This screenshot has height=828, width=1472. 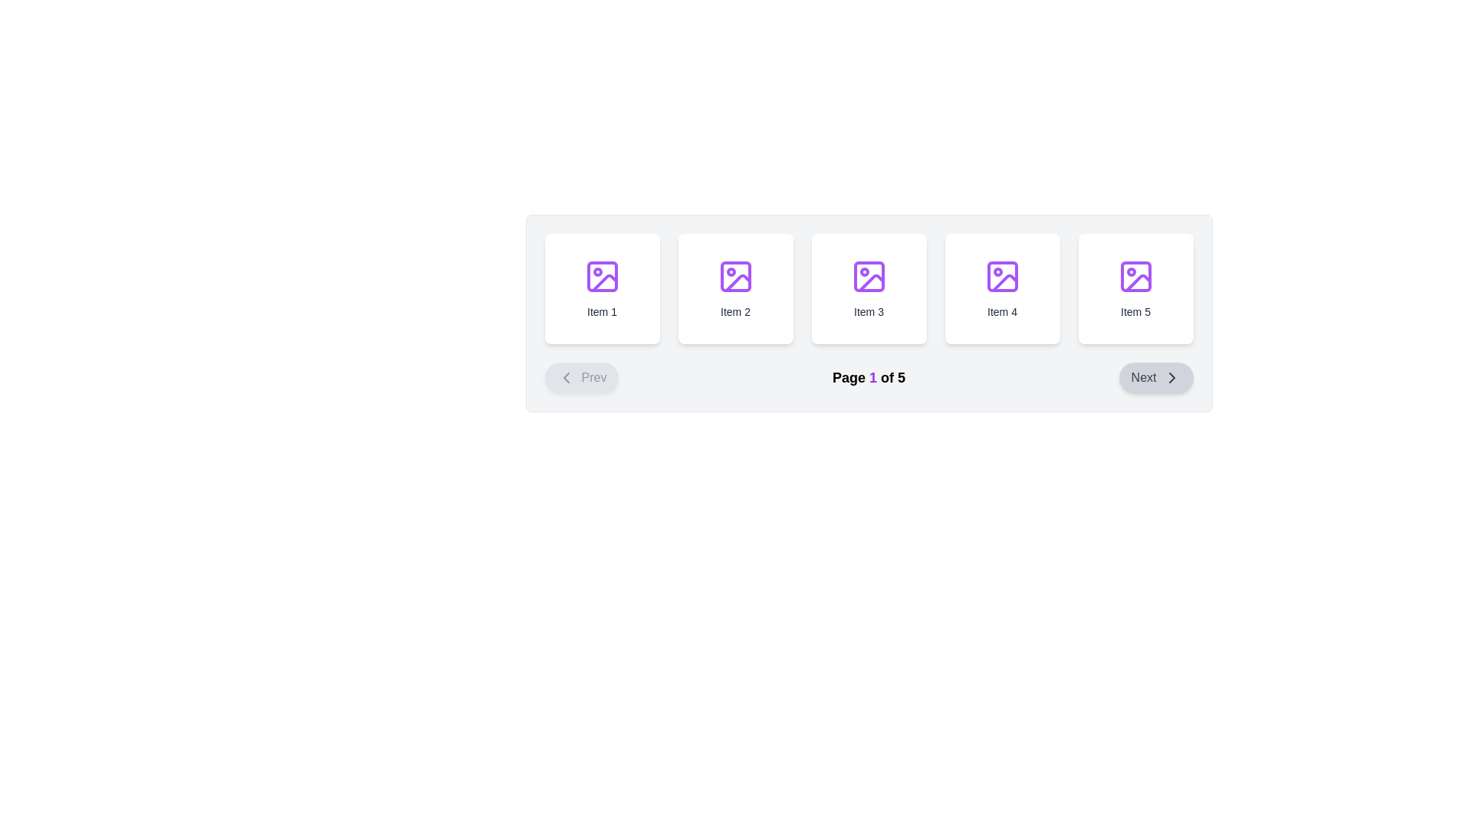 I want to click on the icon (SVG Graphic) located in the second column of the grid layout, specifically inside the card labeled 'Item 2', so click(x=734, y=277).